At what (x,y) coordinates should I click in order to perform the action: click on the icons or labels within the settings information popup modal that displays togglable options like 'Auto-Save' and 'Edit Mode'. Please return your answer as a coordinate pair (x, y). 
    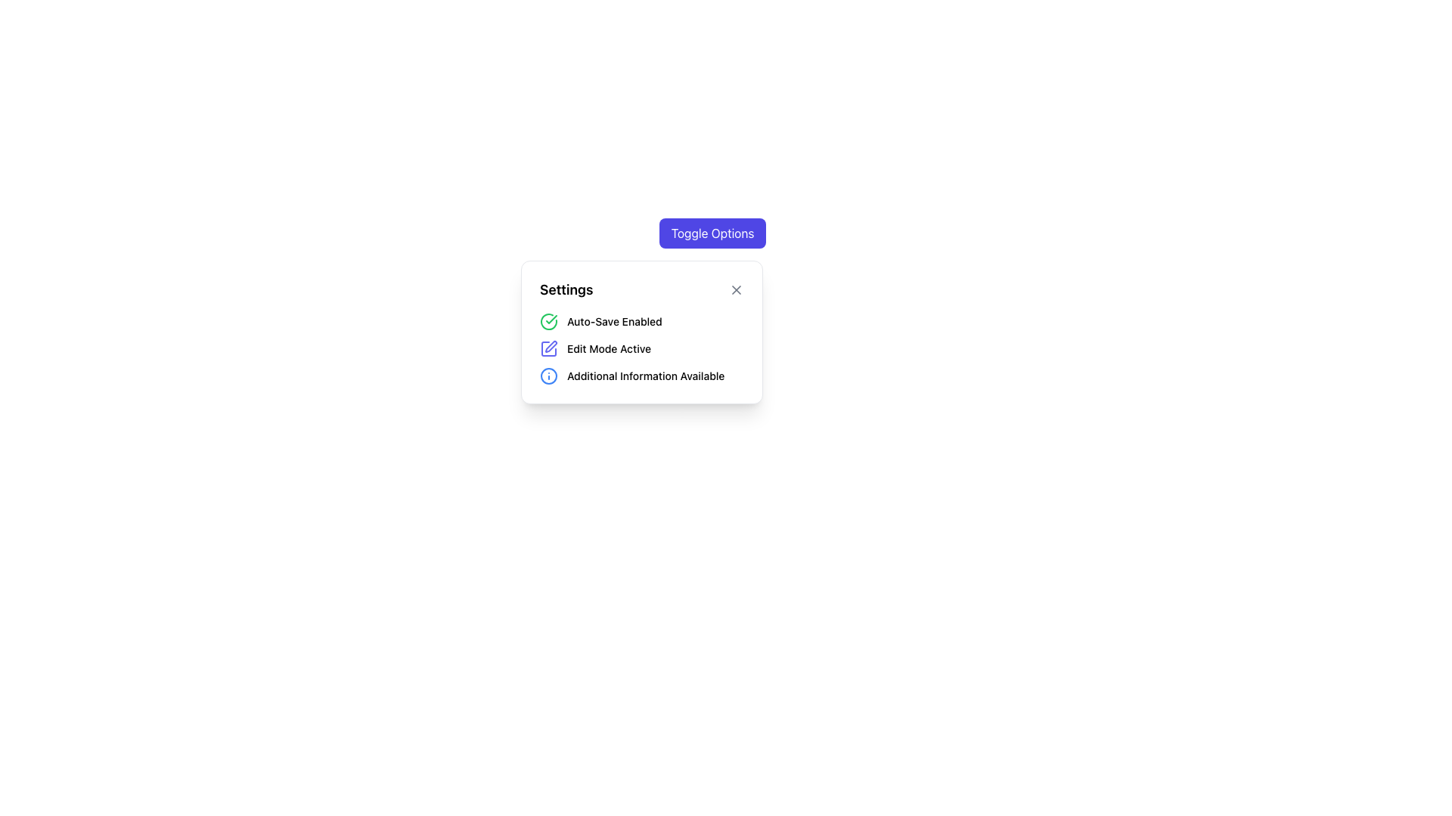
    Looking at the image, I should click on (712, 334).